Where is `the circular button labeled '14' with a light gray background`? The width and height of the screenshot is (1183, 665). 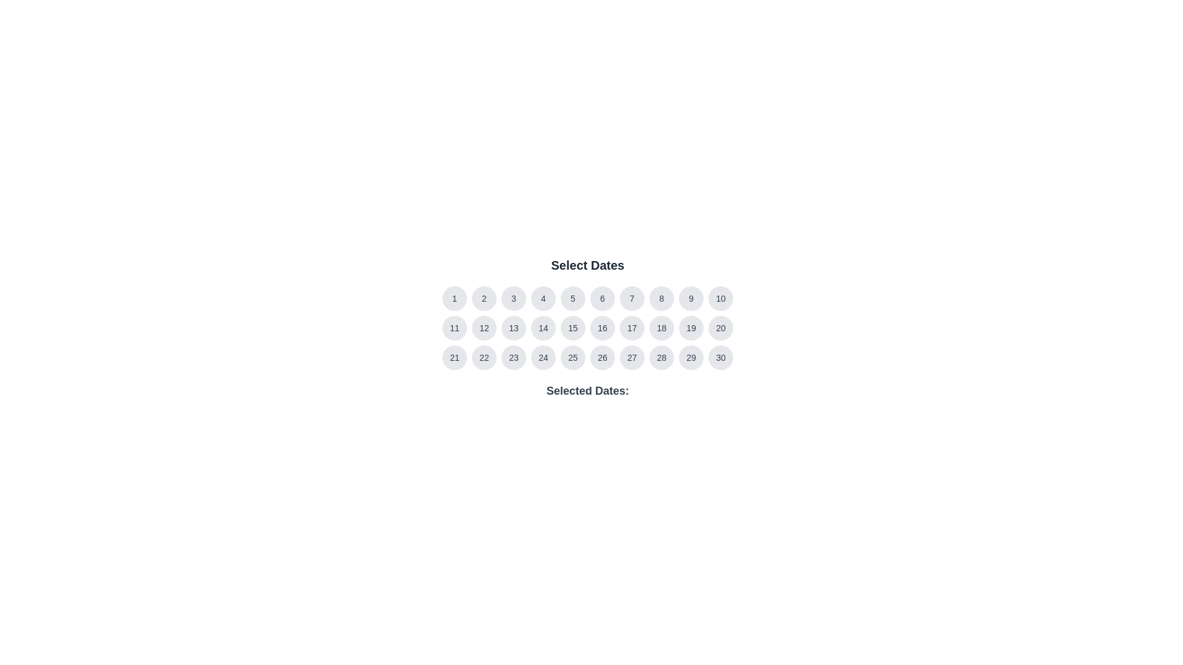 the circular button labeled '14' with a light gray background is located at coordinates (543, 327).